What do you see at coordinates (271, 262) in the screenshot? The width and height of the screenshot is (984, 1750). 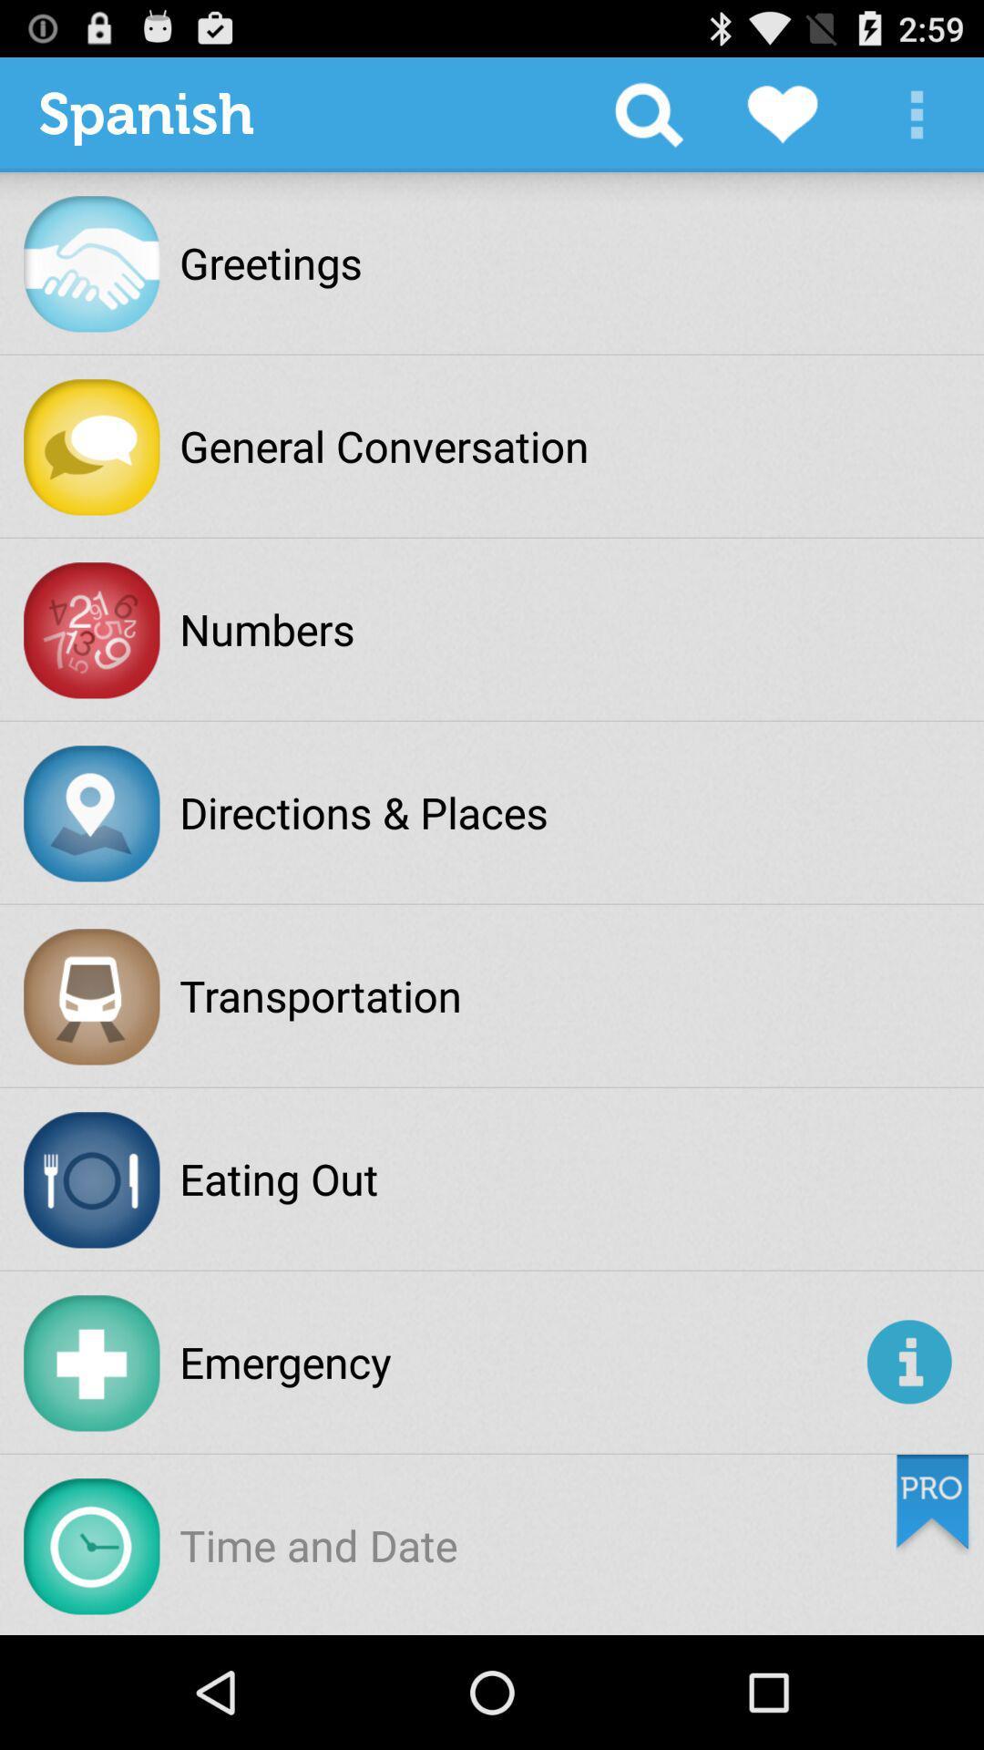 I see `the greetings item` at bounding box center [271, 262].